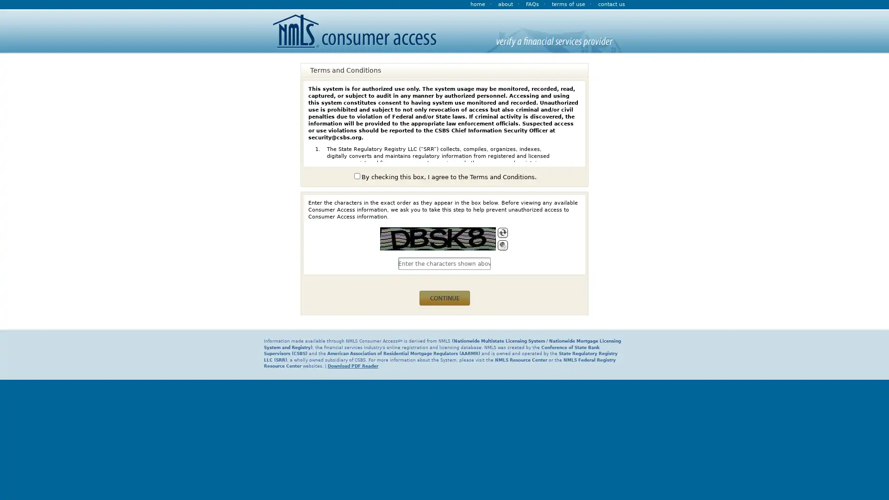 The width and height of the screenshot is (889, 500). Describe the element at coordinates (444, 298) in the screenshot. I see `continue` at that location.